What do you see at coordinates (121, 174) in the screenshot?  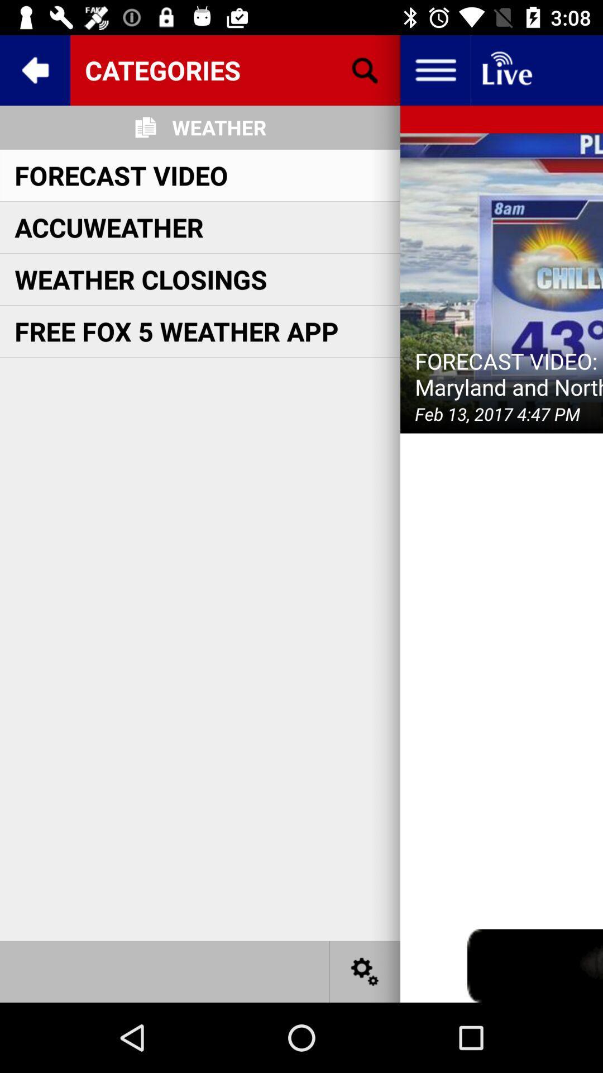 I see `item above accuweather item` at bounding box center [121, 174].